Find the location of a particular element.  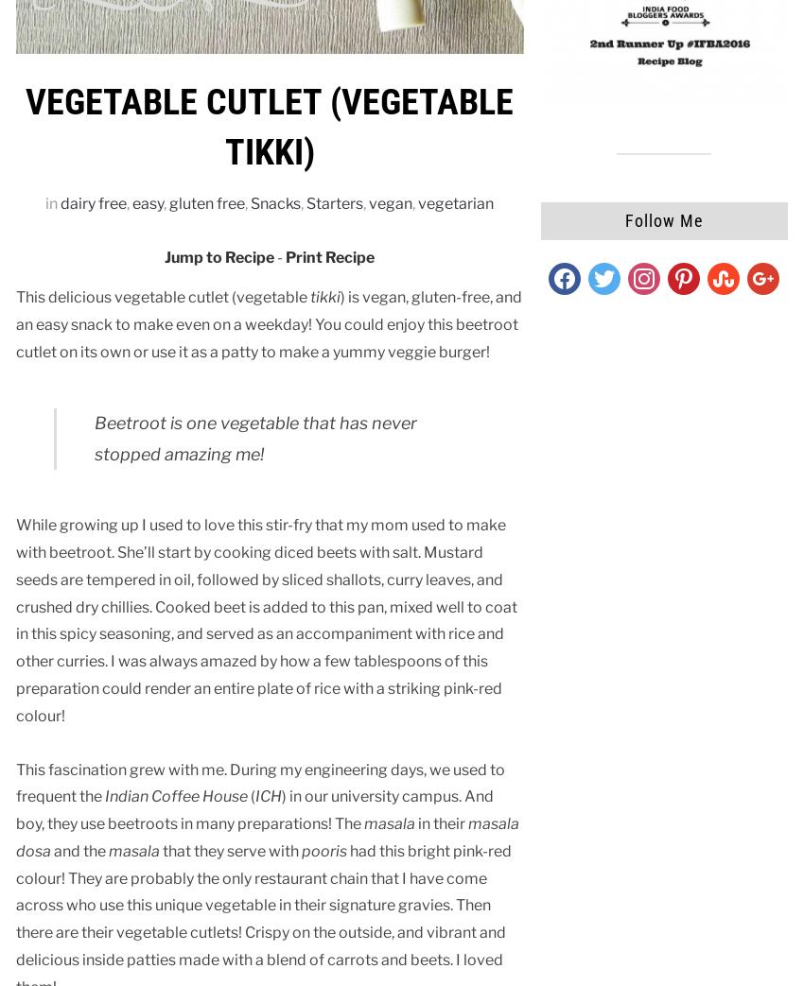

'easy' is located at coordinates (148, 202).